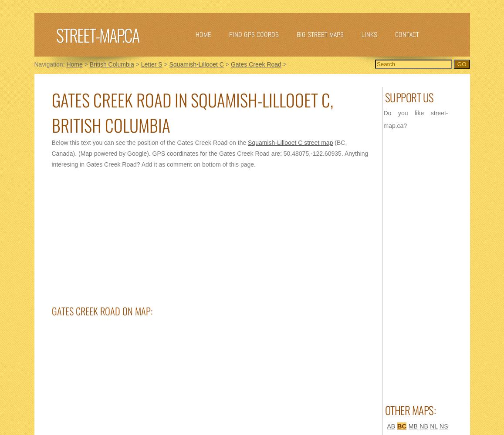 The image size is (504, 435). What do you see at coordinates (112, 64) in the screenshot?
I see `'British Columbia'` at bounding box center [112, 64].